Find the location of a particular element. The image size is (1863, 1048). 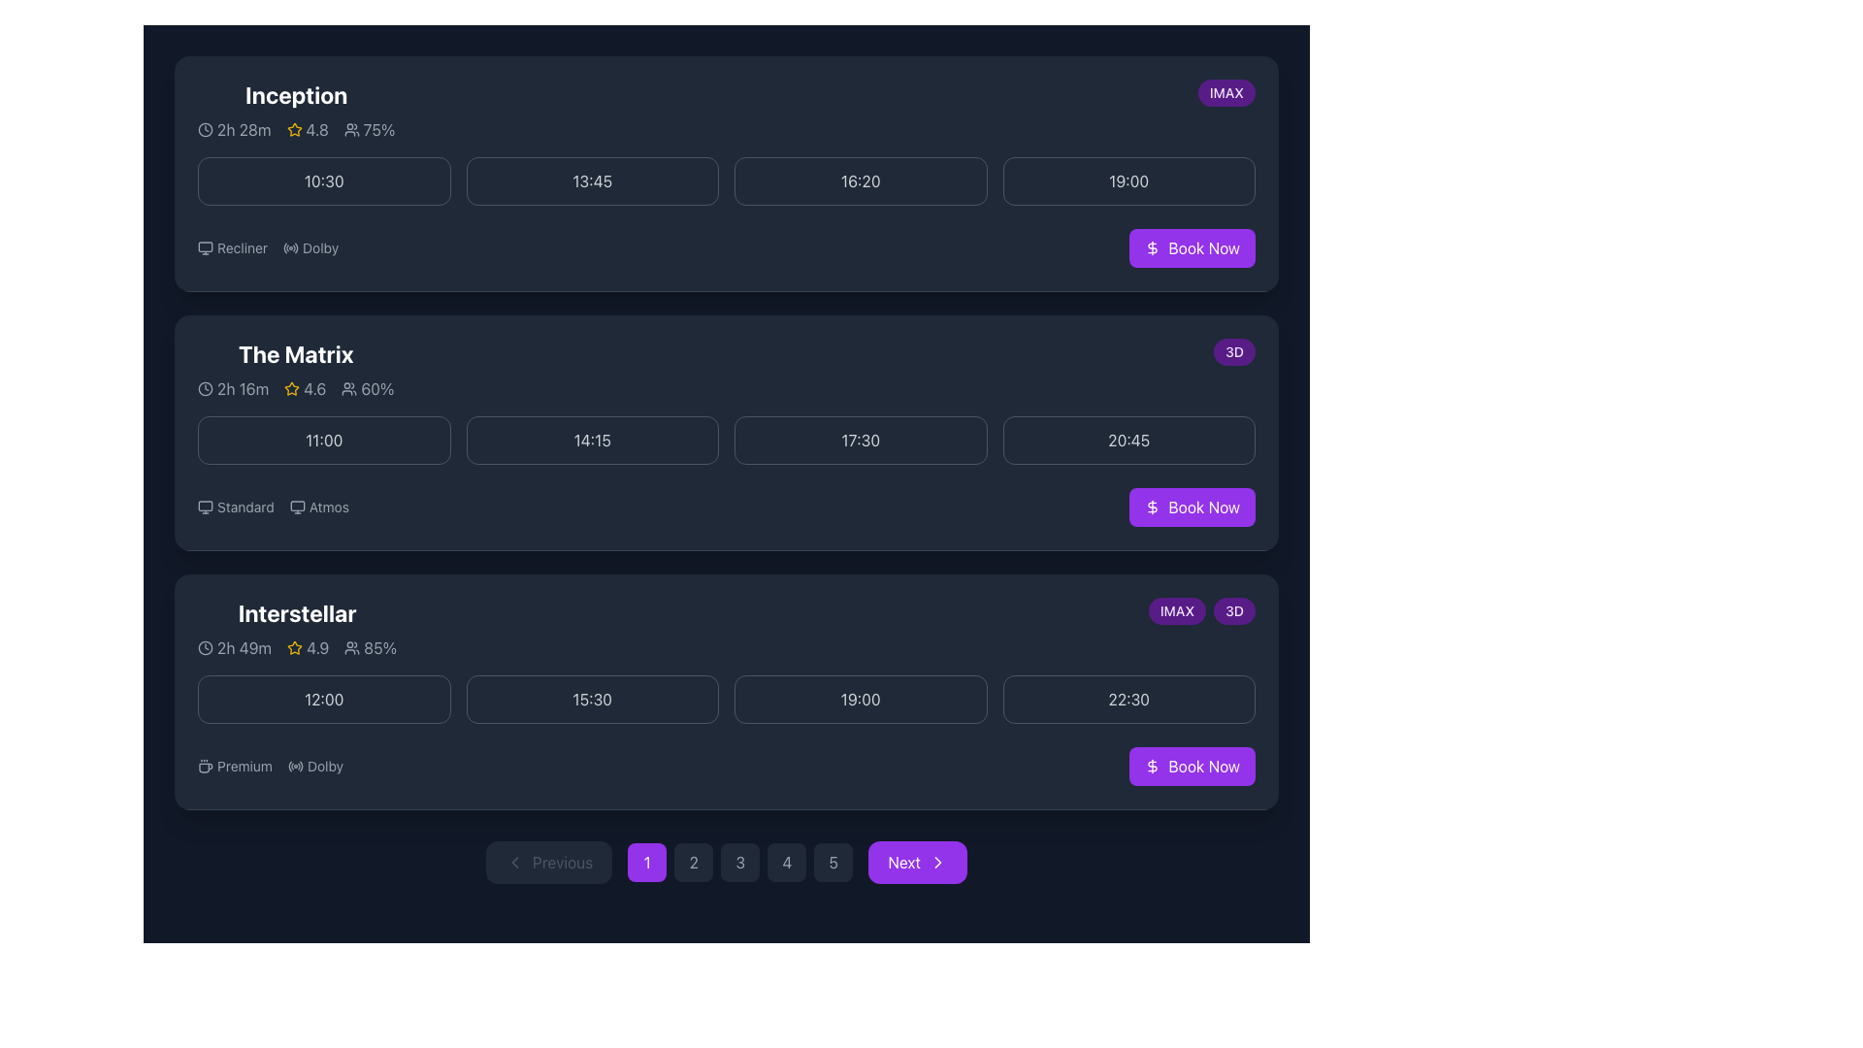

text label displaying the time duration '2h 49m' next to the clock icon for the movie 'Interstellar' in the bottom section of the interface is located at coordinates (234, 647).